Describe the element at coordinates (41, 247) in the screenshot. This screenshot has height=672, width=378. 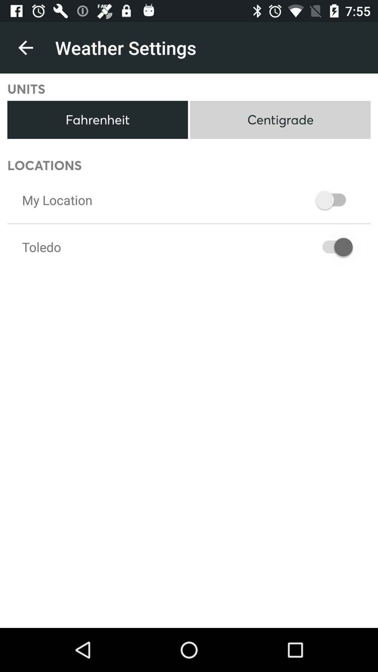
I see `the toledo` at that location.